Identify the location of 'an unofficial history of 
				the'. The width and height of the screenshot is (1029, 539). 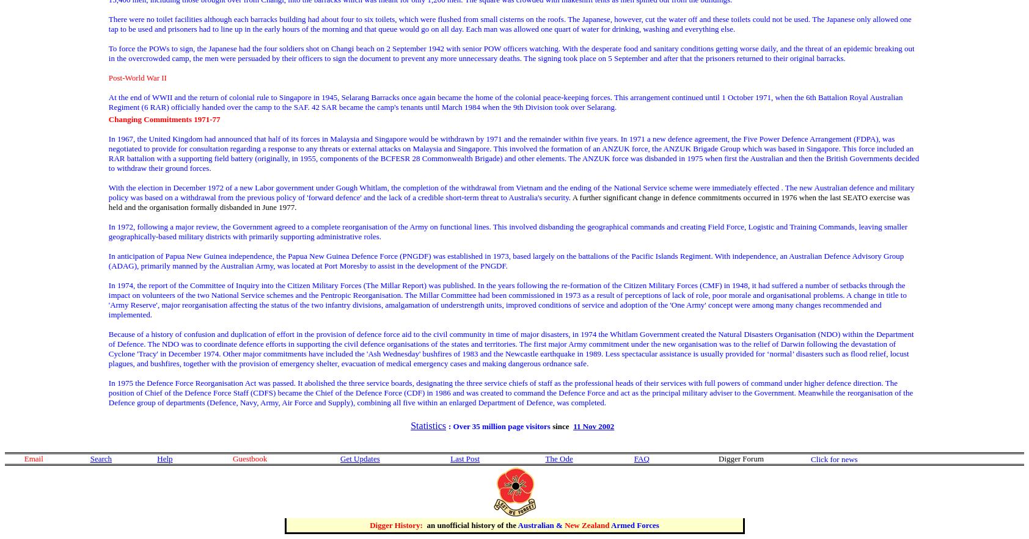
(471, 524).